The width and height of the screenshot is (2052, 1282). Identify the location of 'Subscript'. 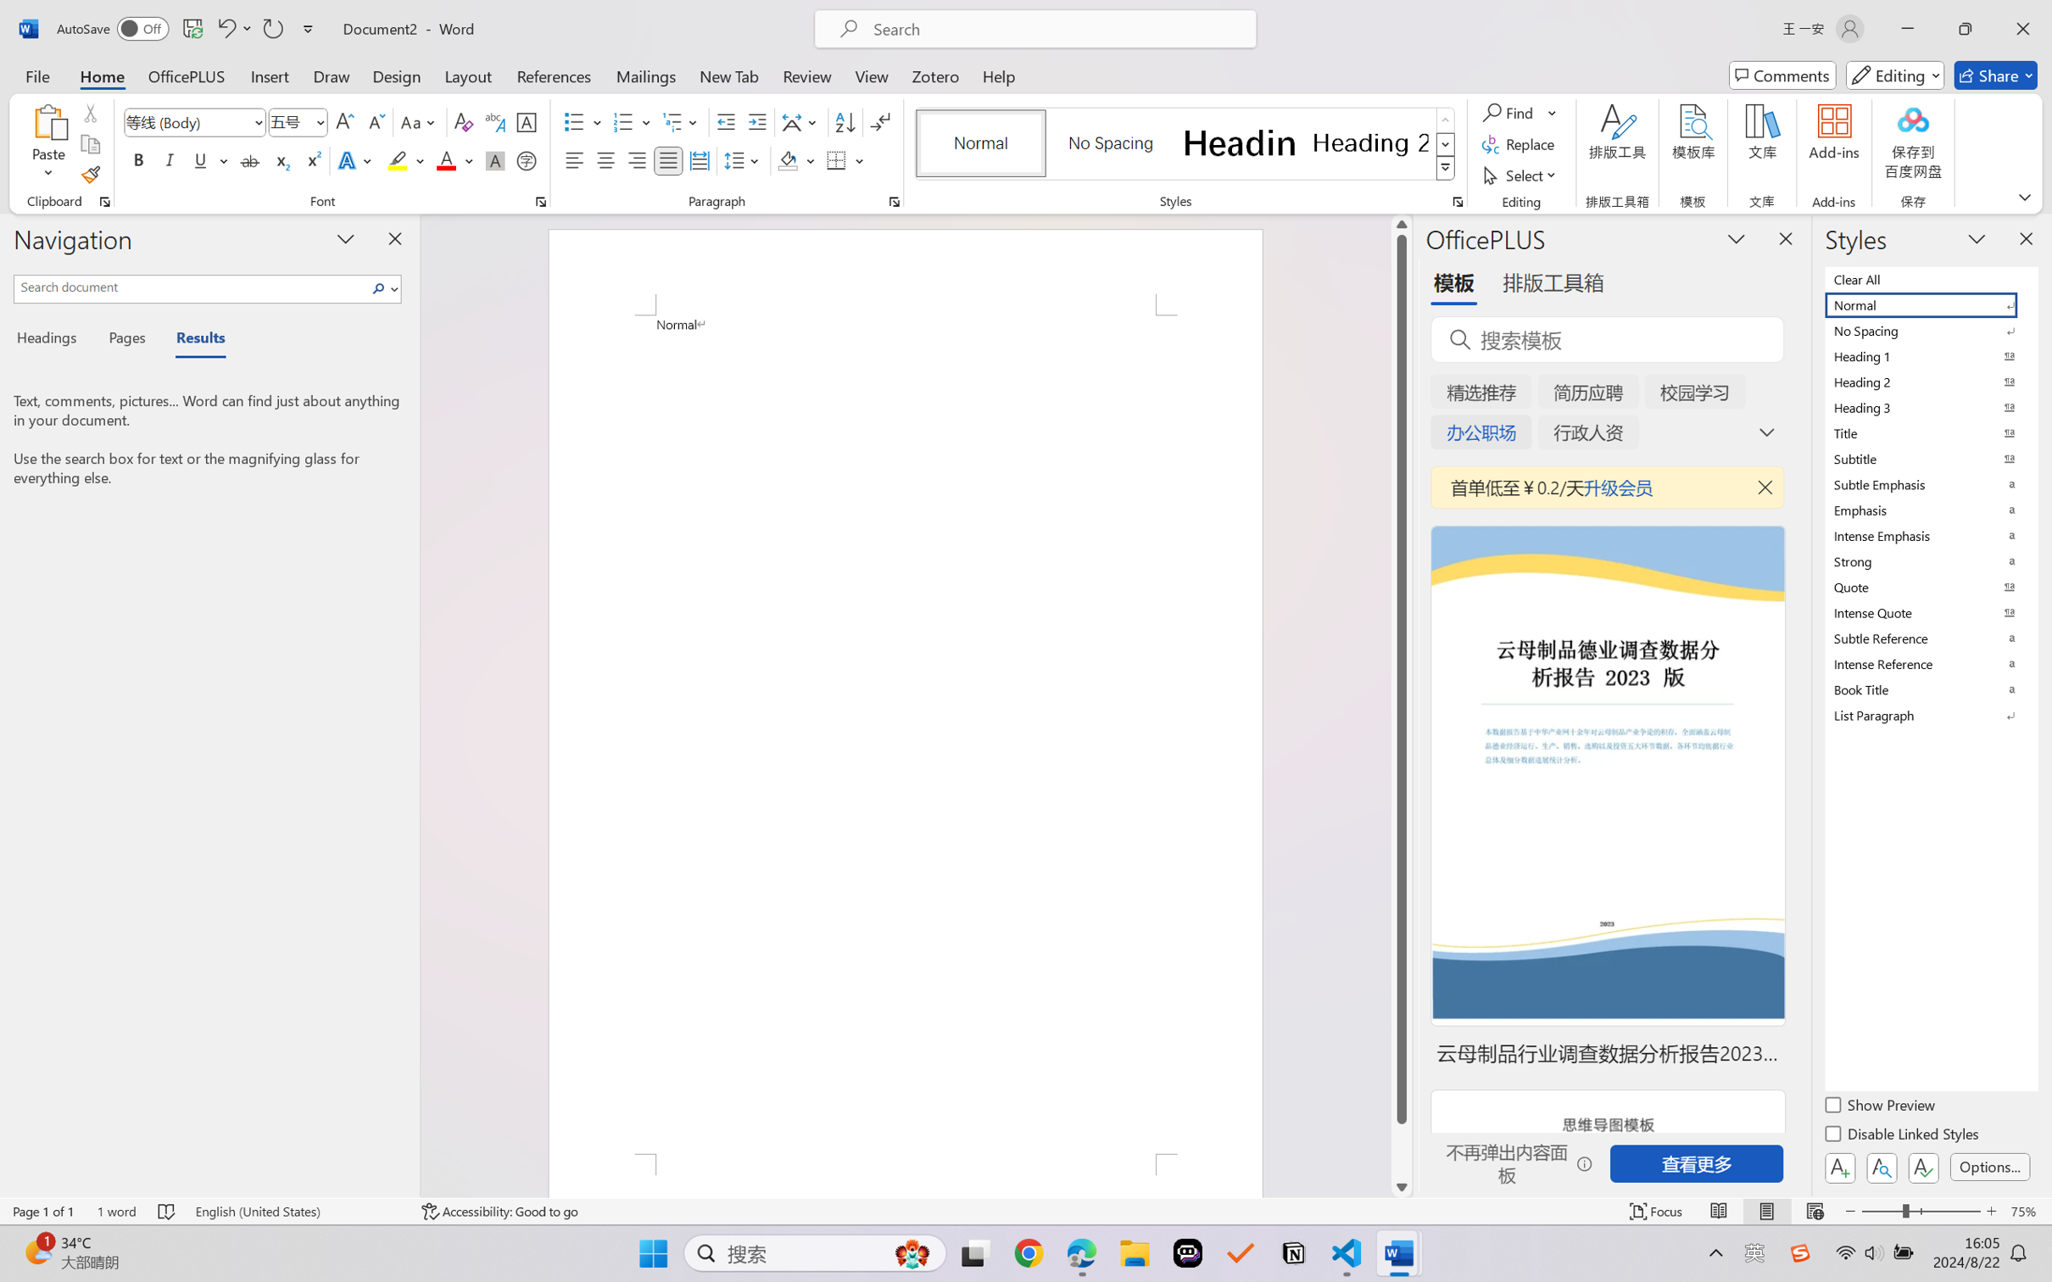
(280, 159).